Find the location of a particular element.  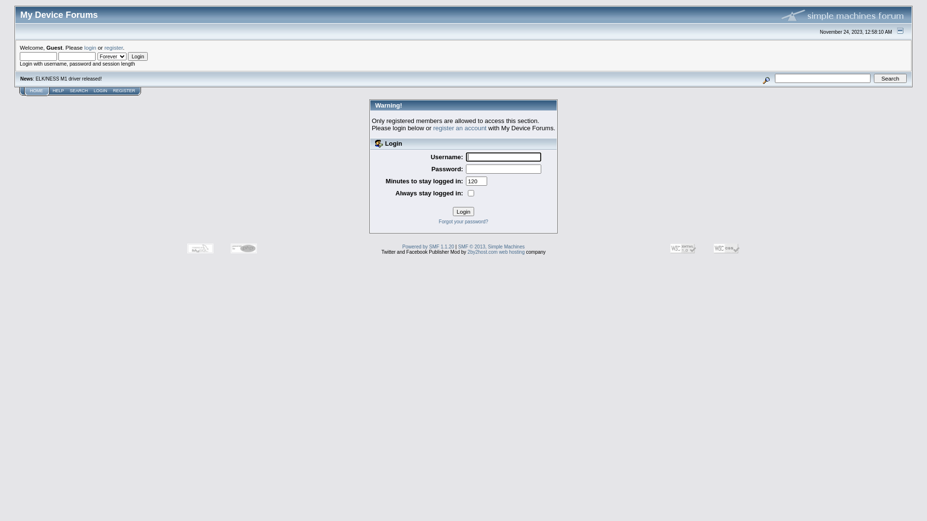

'HELP' is located at coordinates (57, 91).